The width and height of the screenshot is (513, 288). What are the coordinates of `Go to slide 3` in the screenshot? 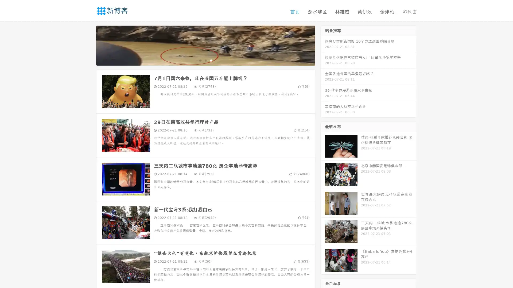 It's located at (211, 60).